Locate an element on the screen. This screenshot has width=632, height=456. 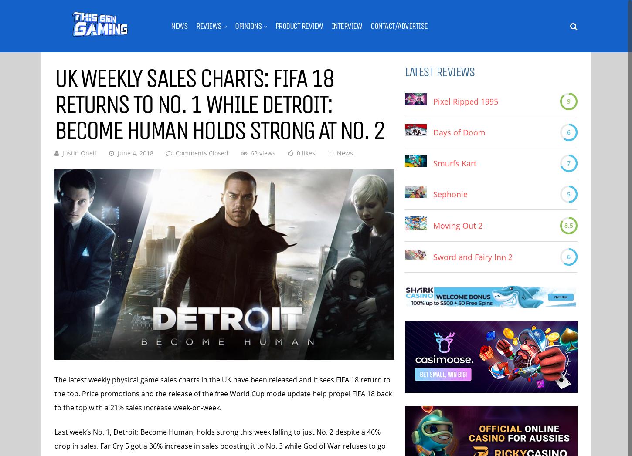
'The latest weekly physical game sales charts in the UK have been released and it sees FIFA 18 return to the top. Price promotions and the release of the free World Cup mode update help propel FIFA 18 back to the top with a 21% sales increase week-on-week.' is located at coordinates (223, 393).